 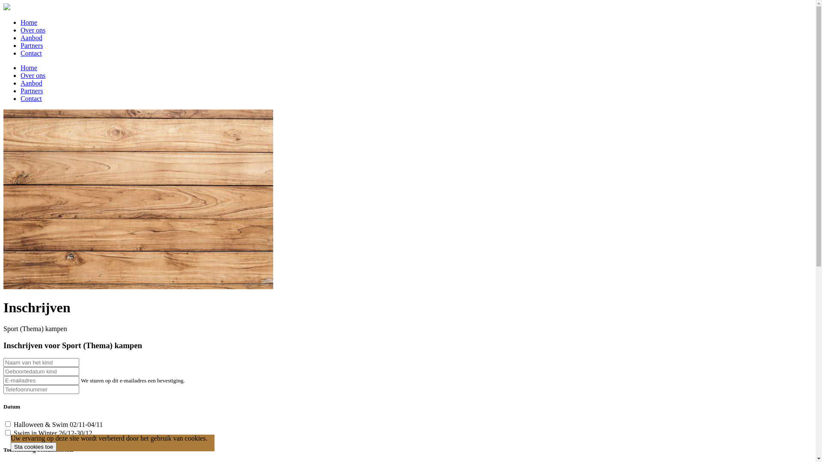 What do you see at coordinates (33, 75) in the screenshot?
I see `'Over ons'` at bounding box center [33, 75].